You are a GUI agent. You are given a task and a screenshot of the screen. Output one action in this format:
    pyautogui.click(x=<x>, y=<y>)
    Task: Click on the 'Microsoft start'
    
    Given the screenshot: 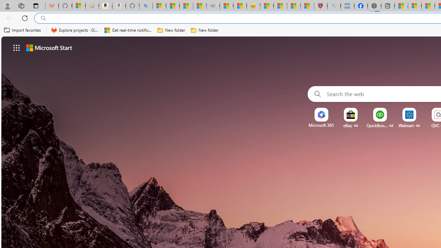 What is the action you would take?
    pyautogui.click(x=49, y=47)
    